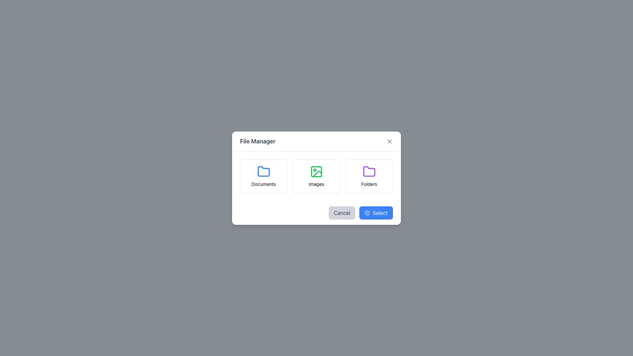 The width and height of the screenshot is (633, 356). Describe the element at coordinates (264, 184) in the screenshot. I see `the 'Documents' text label, which is styled in a smaller font and located directly under the blue folder icon in the first column of the File Manager dialog box` at that location.